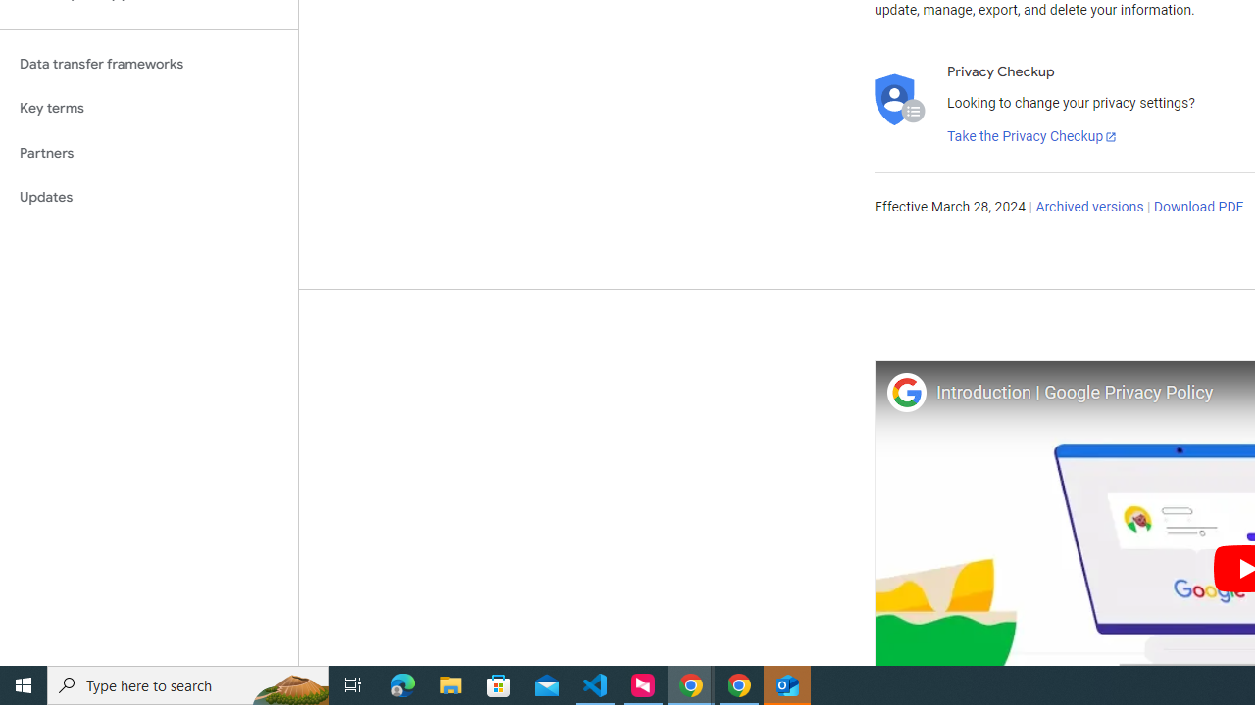  What do you see at coordinates (1088, 208) in the screenshot?
I see `'Archived versions'` at bounding box center [1088, 208].